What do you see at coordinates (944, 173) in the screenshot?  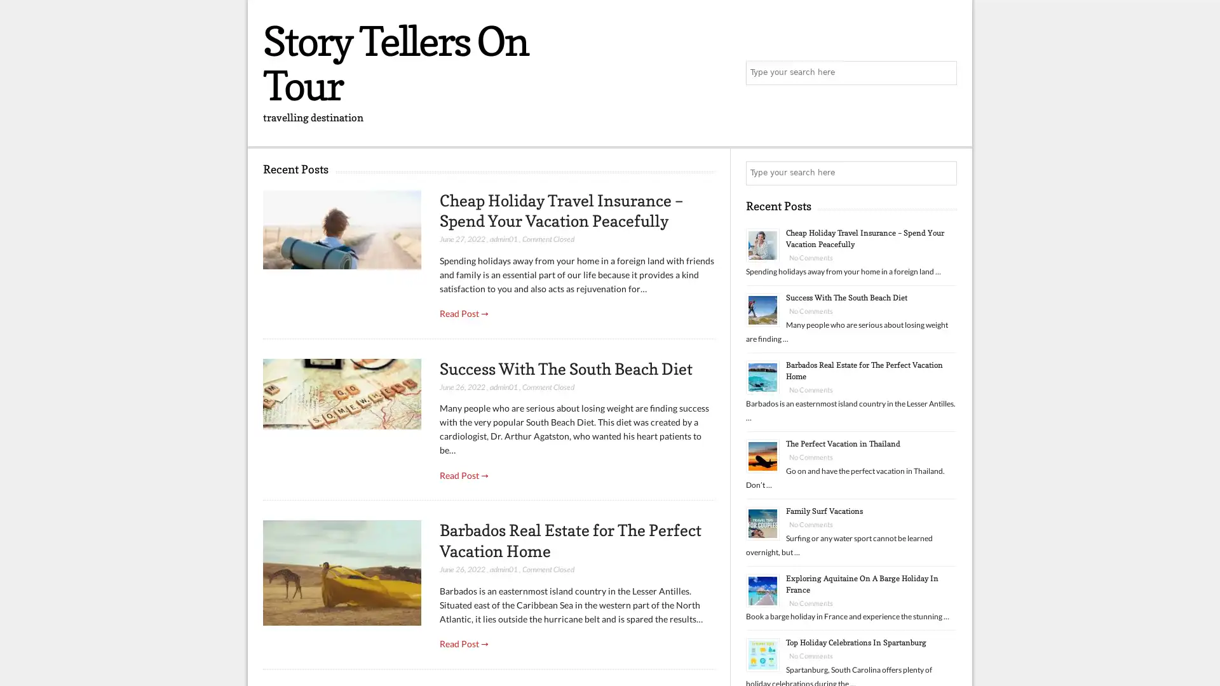 I see `Search` at bounding box center [944, 173].